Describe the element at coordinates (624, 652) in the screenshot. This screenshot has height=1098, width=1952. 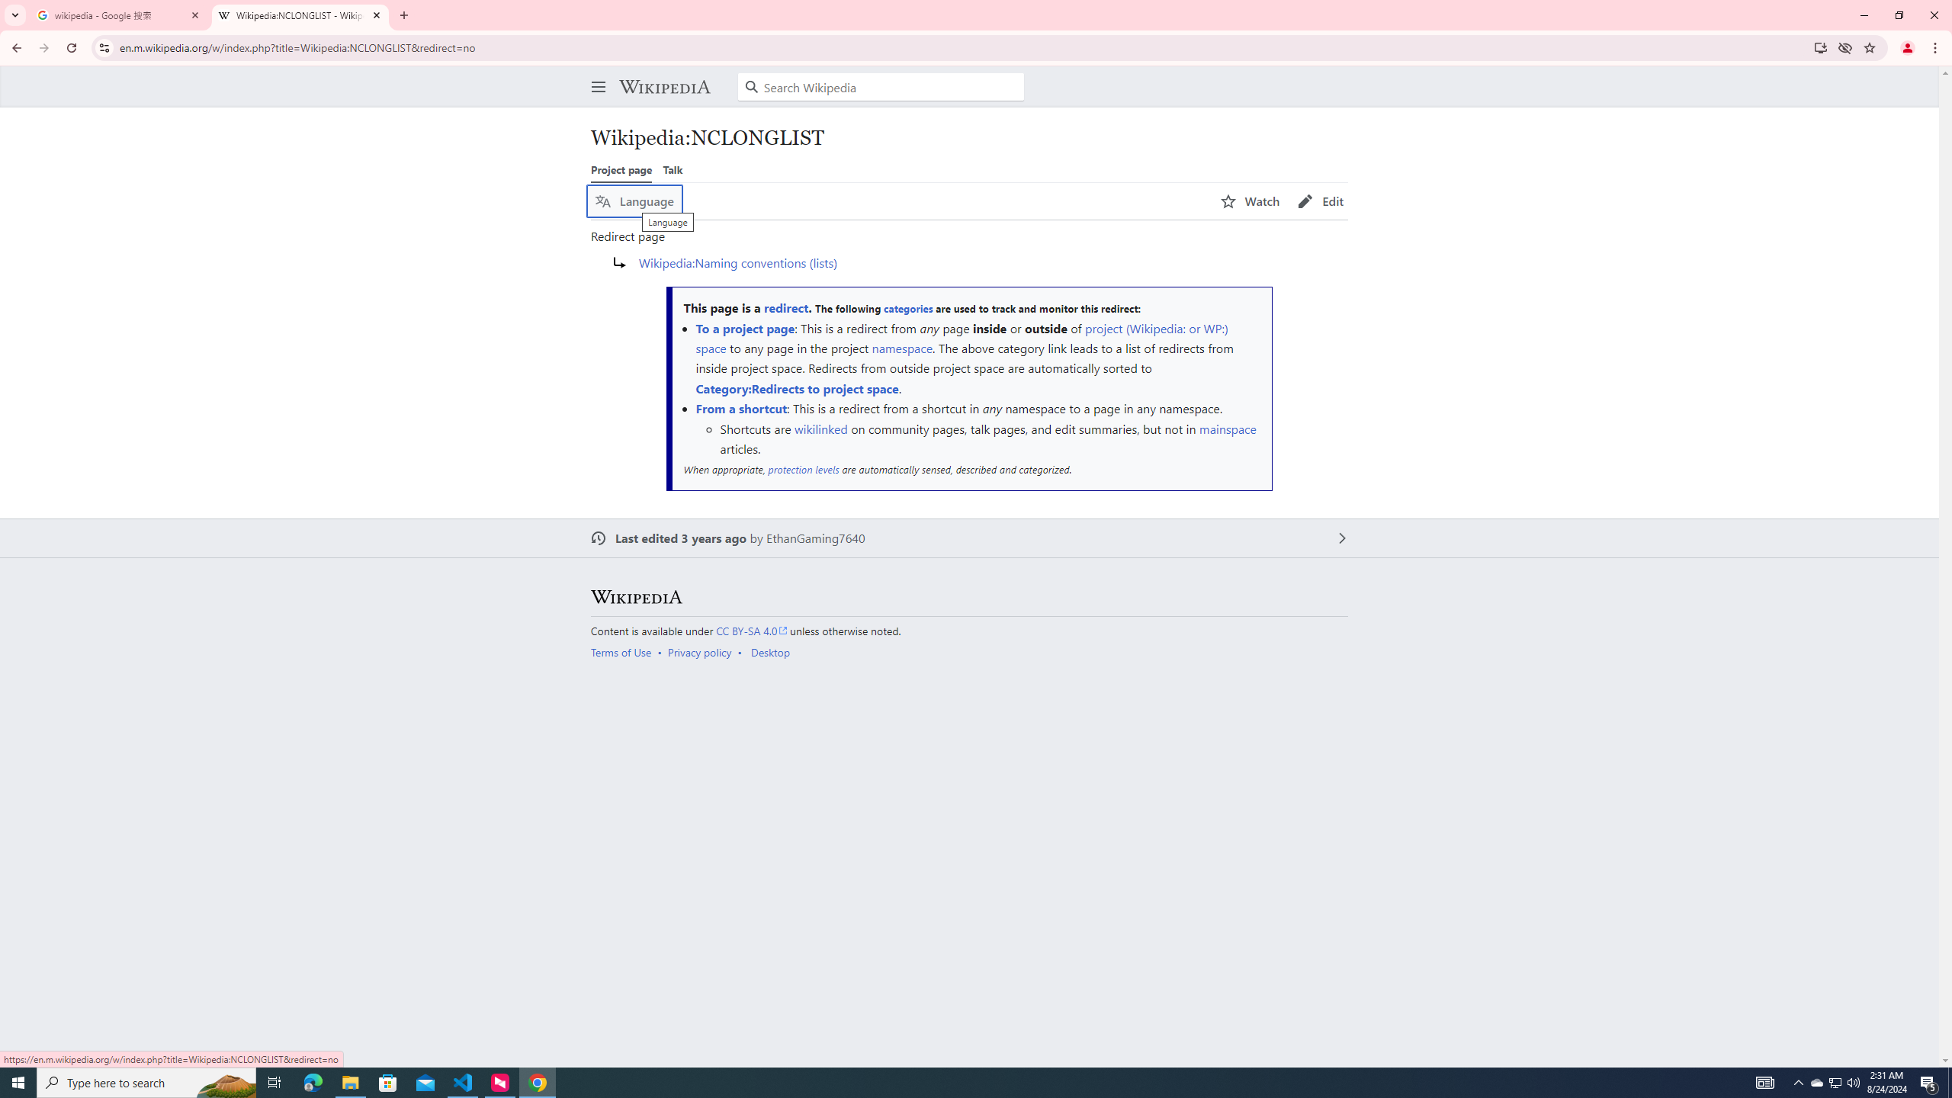
I see `'AutomationID: footer-places-terms-use'` at that location.